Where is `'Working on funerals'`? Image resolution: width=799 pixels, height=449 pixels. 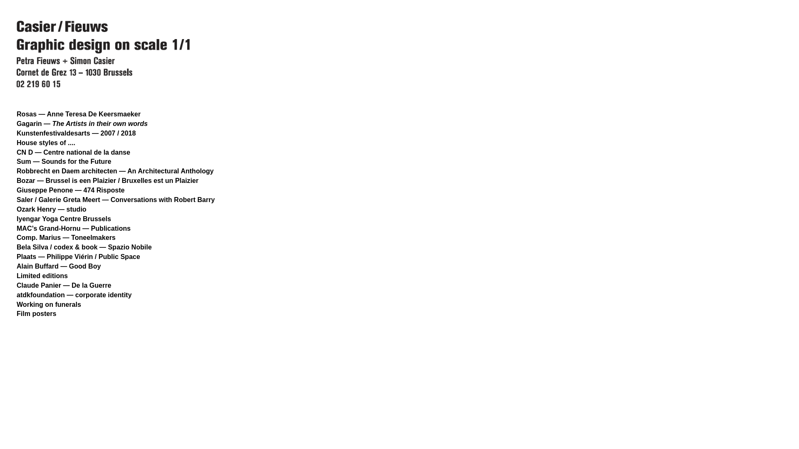
'Working on funerals' is located at coordinates (48, 304).